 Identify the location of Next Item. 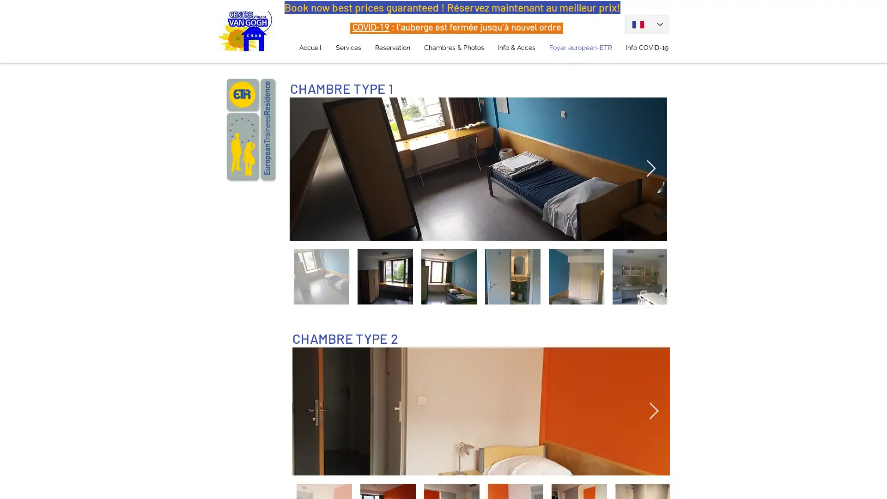
(650, 169).